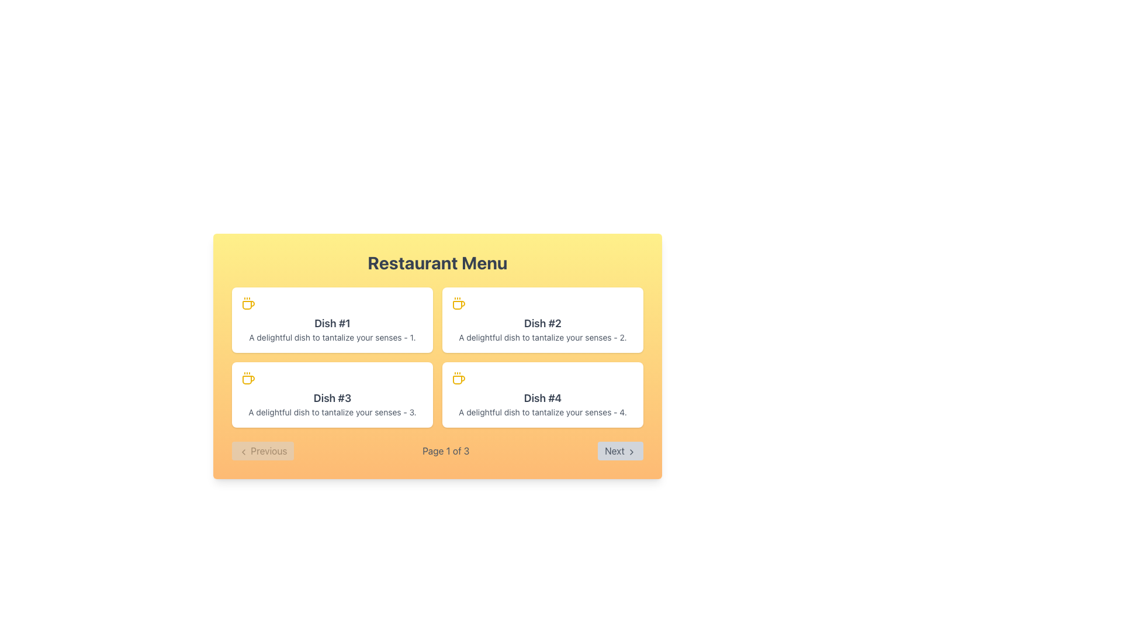 This screenshot has height=631, width=1122. Describe the element at coordinates (620, 450) in the screenshot. I see `the navigation button located at the bottom-right corner of the 'Restaurant Menu' panel` at that location.